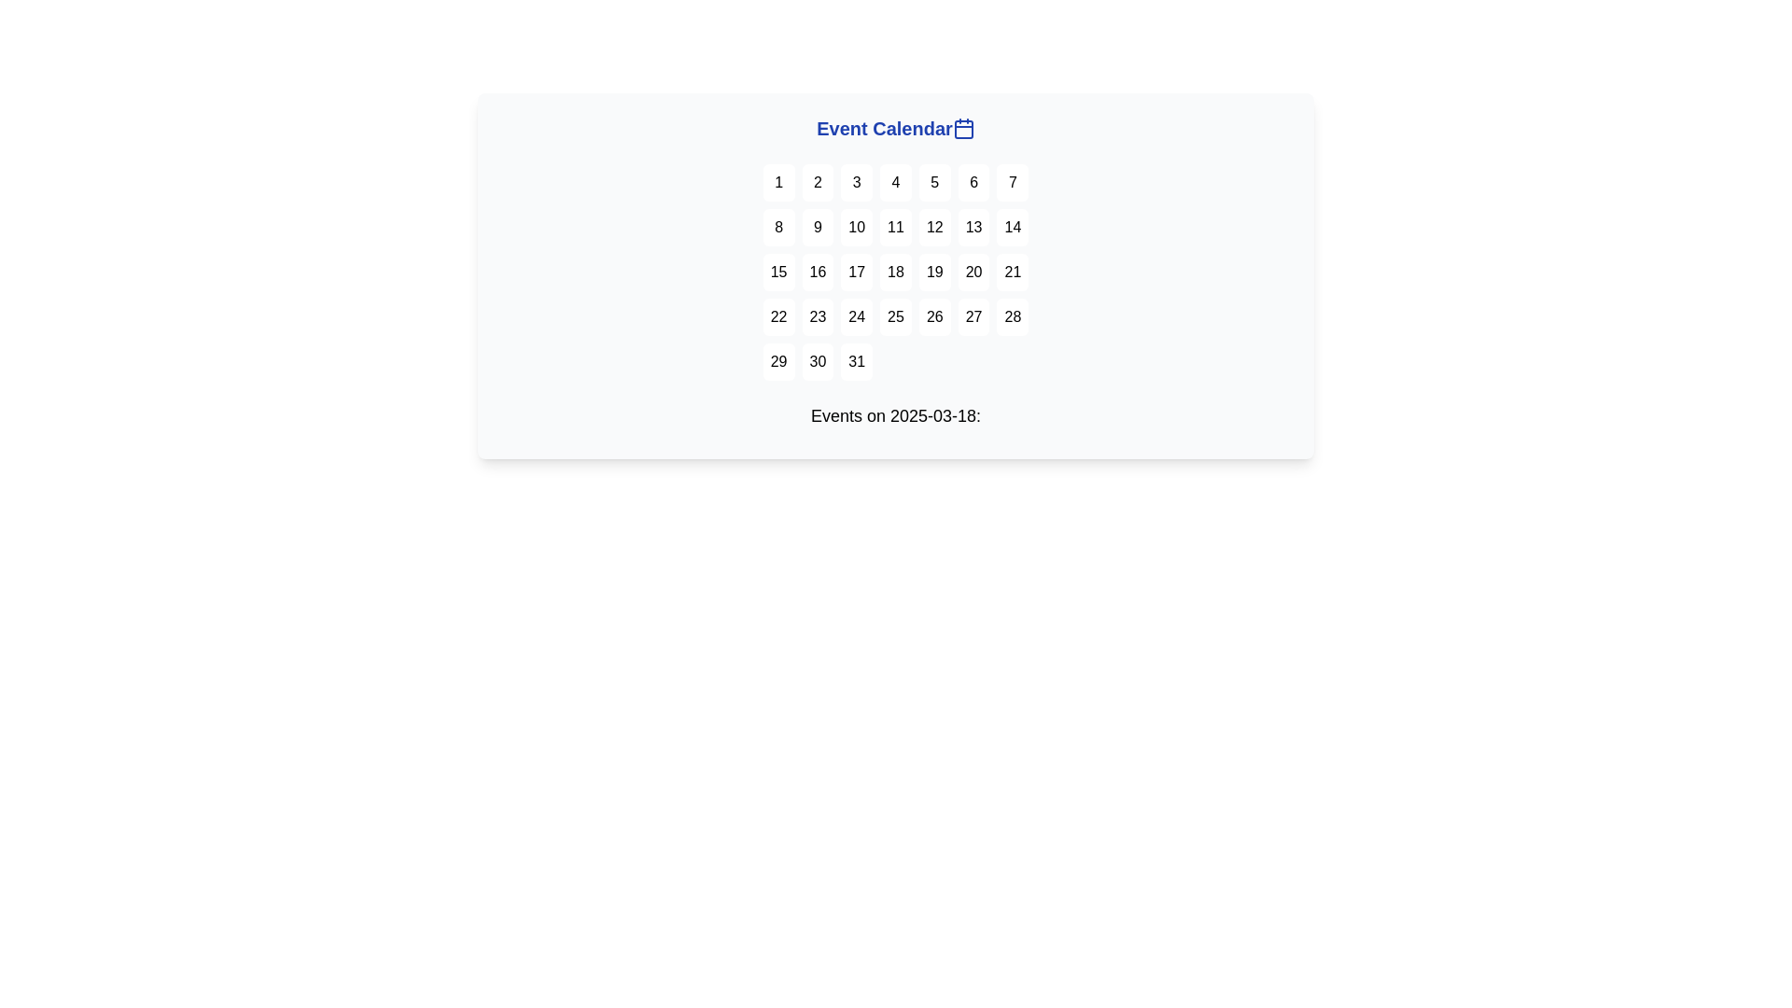  What do you see at coordinates (973, 273) in the screenshot?
I see `the calendar date element displaying the number '20'` at bounding box center [973, 273].